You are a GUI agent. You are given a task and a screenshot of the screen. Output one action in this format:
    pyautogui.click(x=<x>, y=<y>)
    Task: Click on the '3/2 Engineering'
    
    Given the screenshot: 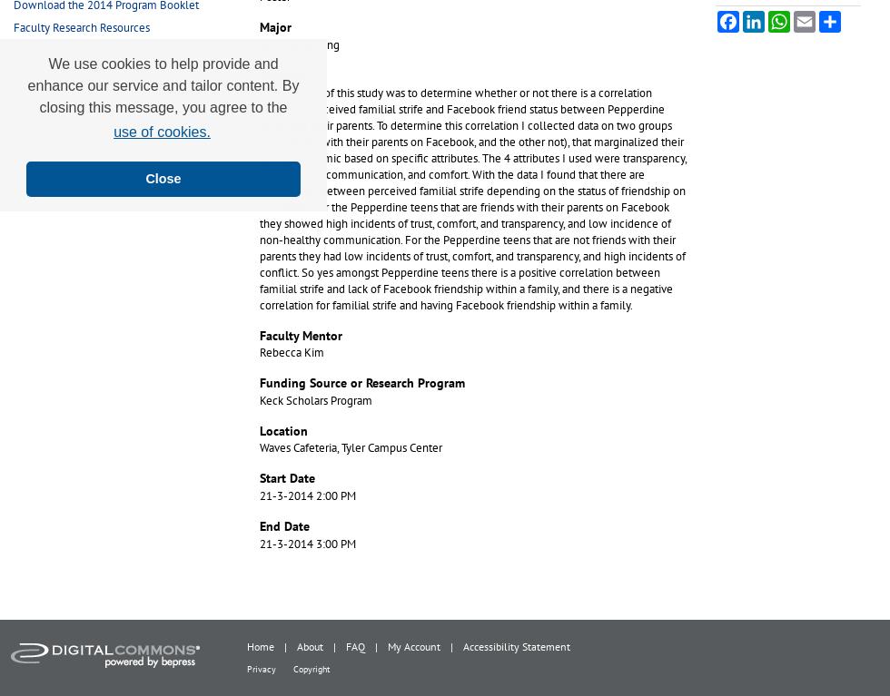 What is the action you would take?
    pyautogui.click(x=299, y=44)
    